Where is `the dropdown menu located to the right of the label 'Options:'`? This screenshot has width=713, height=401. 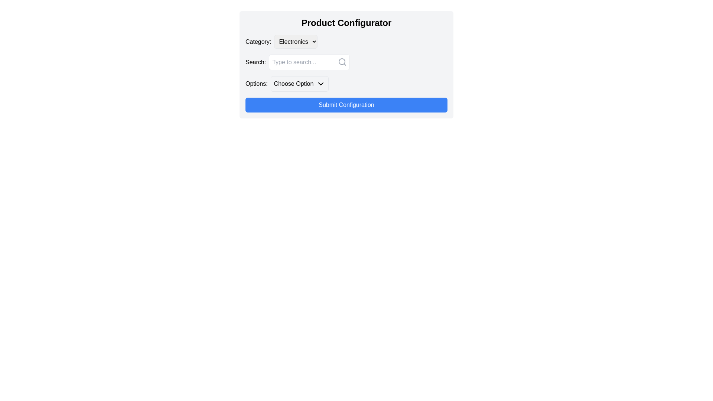
the dropdown menu located to the right of the label 'Options:' is located at coordinates (299, 84).